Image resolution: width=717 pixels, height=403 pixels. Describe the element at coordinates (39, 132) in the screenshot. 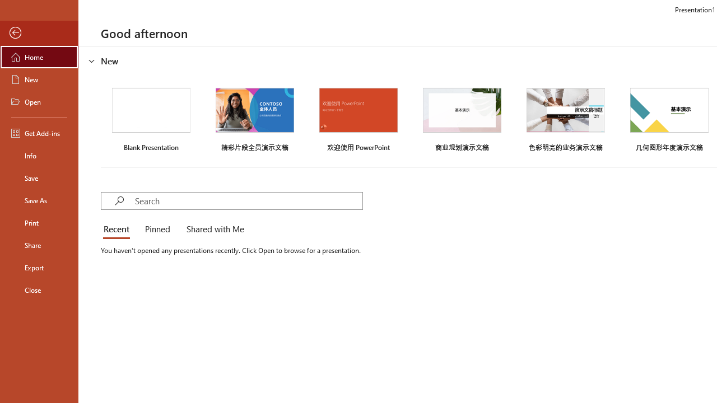

I see `'Get Add-ins'` at that location.